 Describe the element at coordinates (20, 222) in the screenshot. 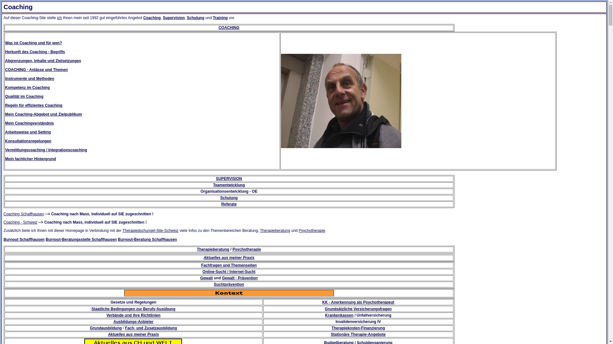

I see `'Coaching - Schweiz'` at that location.